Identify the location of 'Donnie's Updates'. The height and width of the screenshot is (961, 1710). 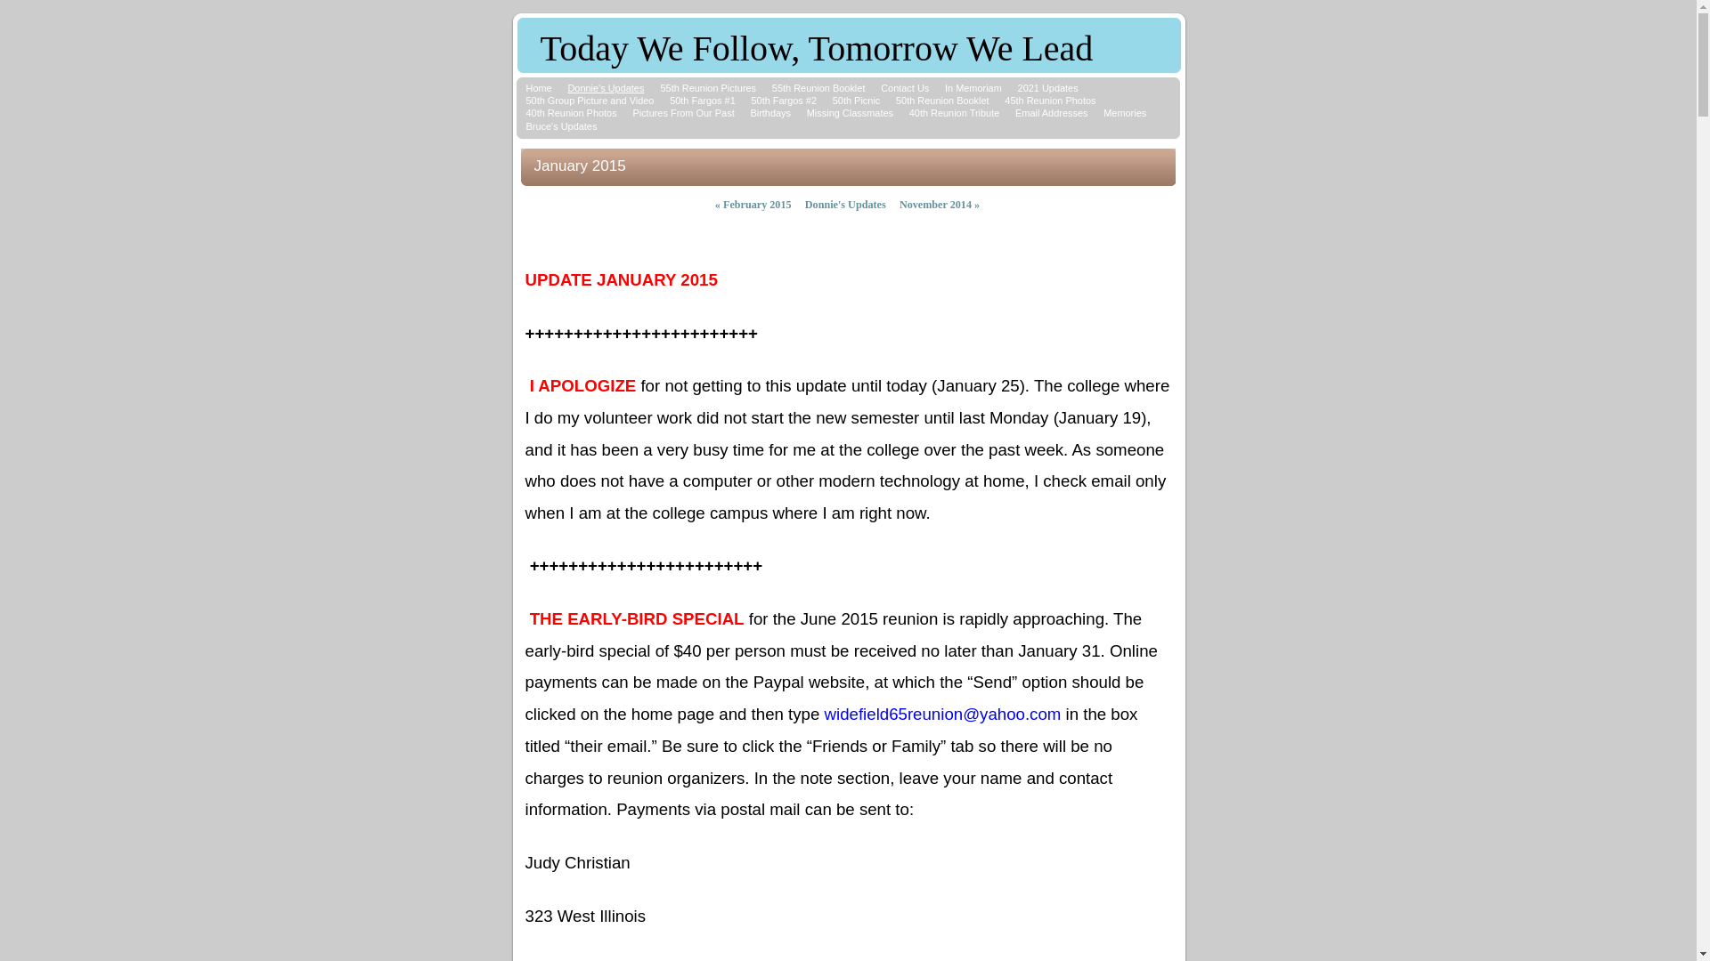
(844, 204).